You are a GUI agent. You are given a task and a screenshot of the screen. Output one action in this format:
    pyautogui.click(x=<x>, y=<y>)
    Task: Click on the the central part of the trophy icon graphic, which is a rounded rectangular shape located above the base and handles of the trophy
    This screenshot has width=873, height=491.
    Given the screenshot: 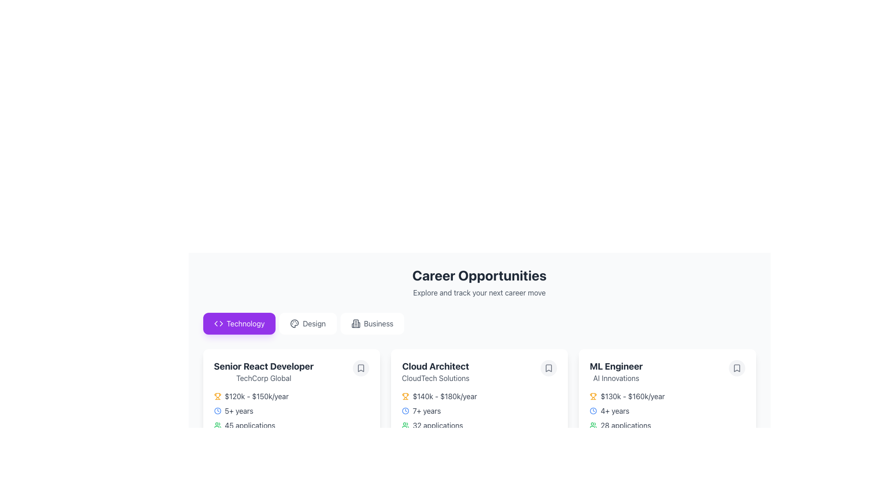 What is the action you would take?
    pyautogui.click(x=217, y=395)
    